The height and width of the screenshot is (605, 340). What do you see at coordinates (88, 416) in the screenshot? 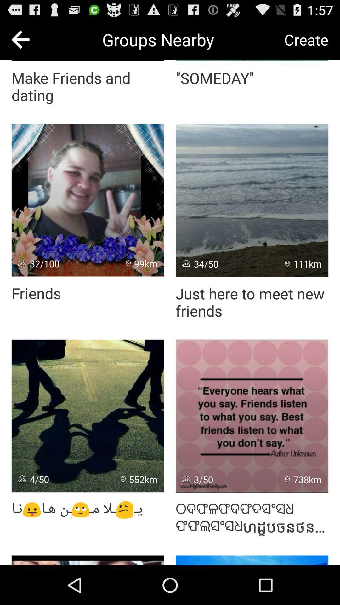
I see `the third image of the page` at bounding box center [88, 416].